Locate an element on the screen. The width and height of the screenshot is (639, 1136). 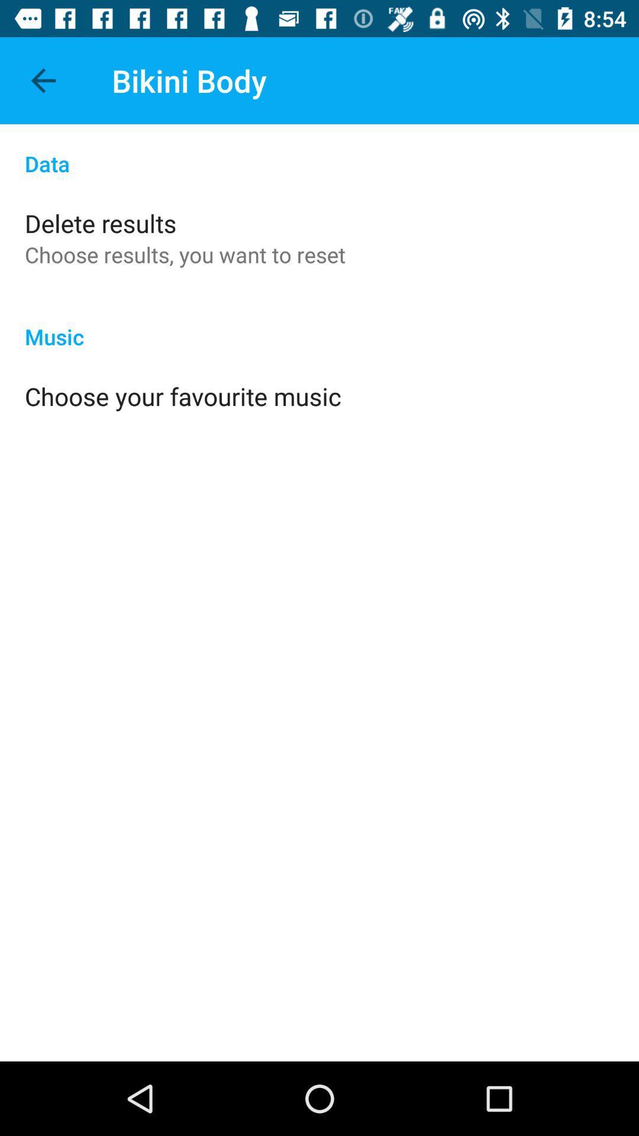
data item is located at coordinates (319, 150).